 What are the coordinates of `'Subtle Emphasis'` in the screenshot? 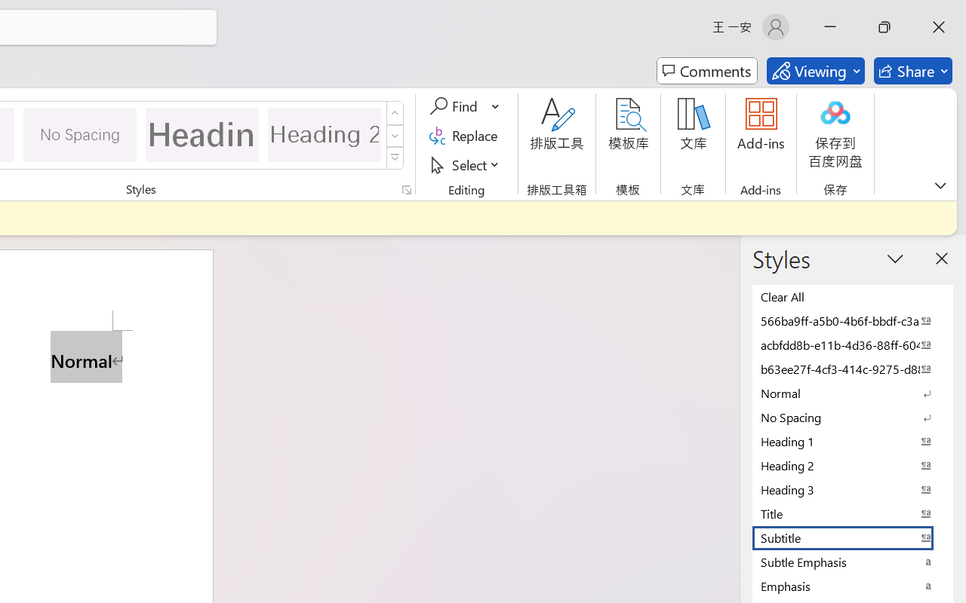 It's located at (853, 562).